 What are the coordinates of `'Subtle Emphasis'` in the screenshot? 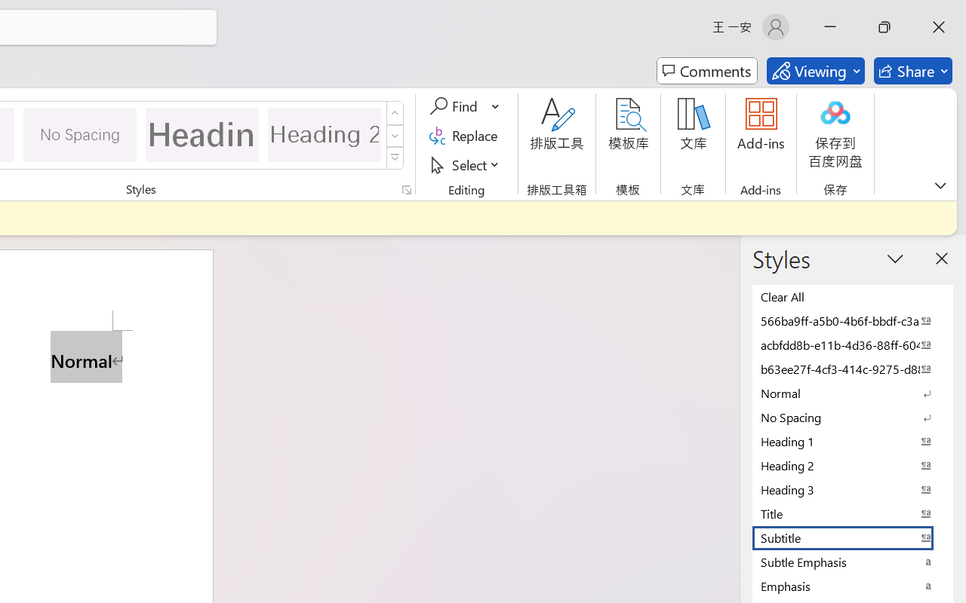 It's located at (853, 562).